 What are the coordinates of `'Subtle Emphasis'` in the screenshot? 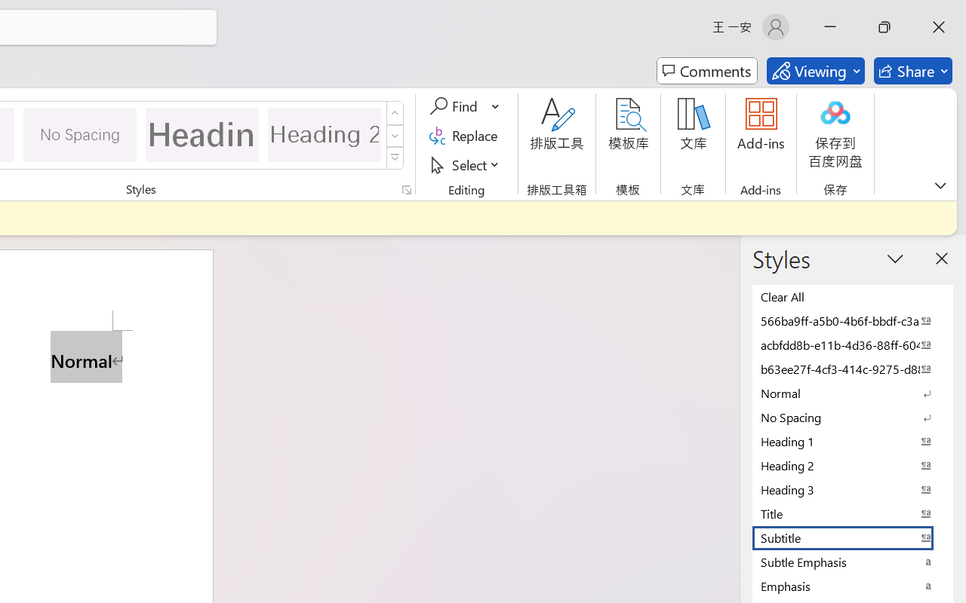 It's located at (853, 562).